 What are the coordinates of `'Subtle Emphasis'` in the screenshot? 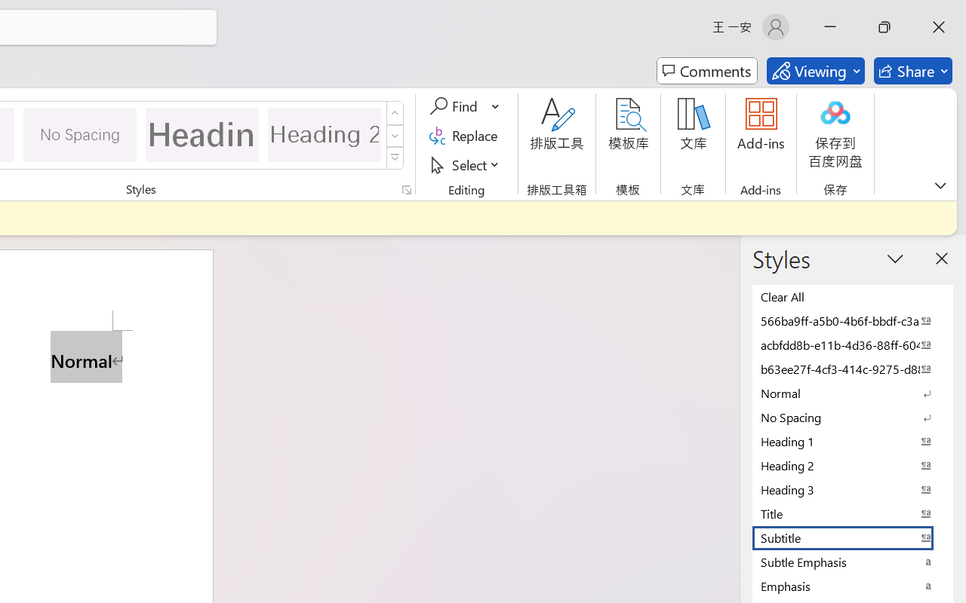 It's located at (853, 562).